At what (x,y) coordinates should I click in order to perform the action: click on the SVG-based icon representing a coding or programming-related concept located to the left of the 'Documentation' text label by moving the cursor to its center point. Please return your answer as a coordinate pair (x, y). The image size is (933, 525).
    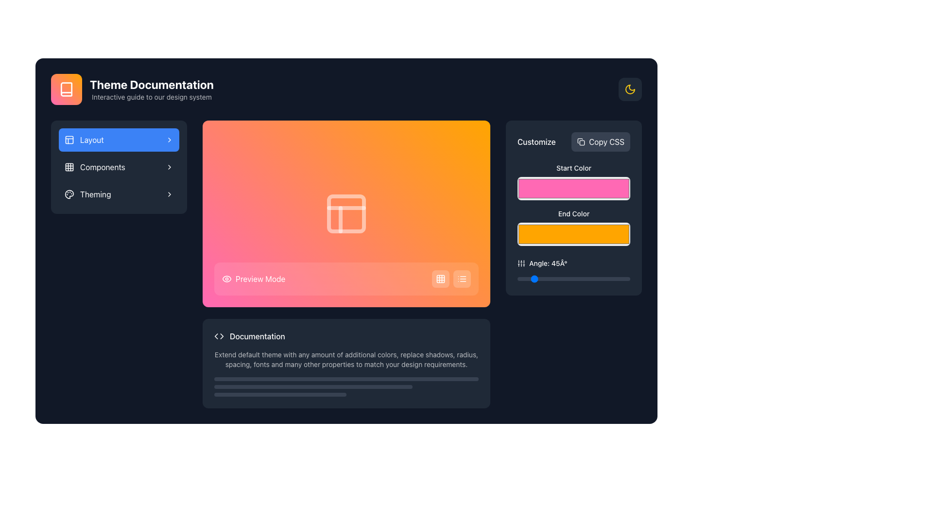
    Looking at the image, I should click on (219, 335).